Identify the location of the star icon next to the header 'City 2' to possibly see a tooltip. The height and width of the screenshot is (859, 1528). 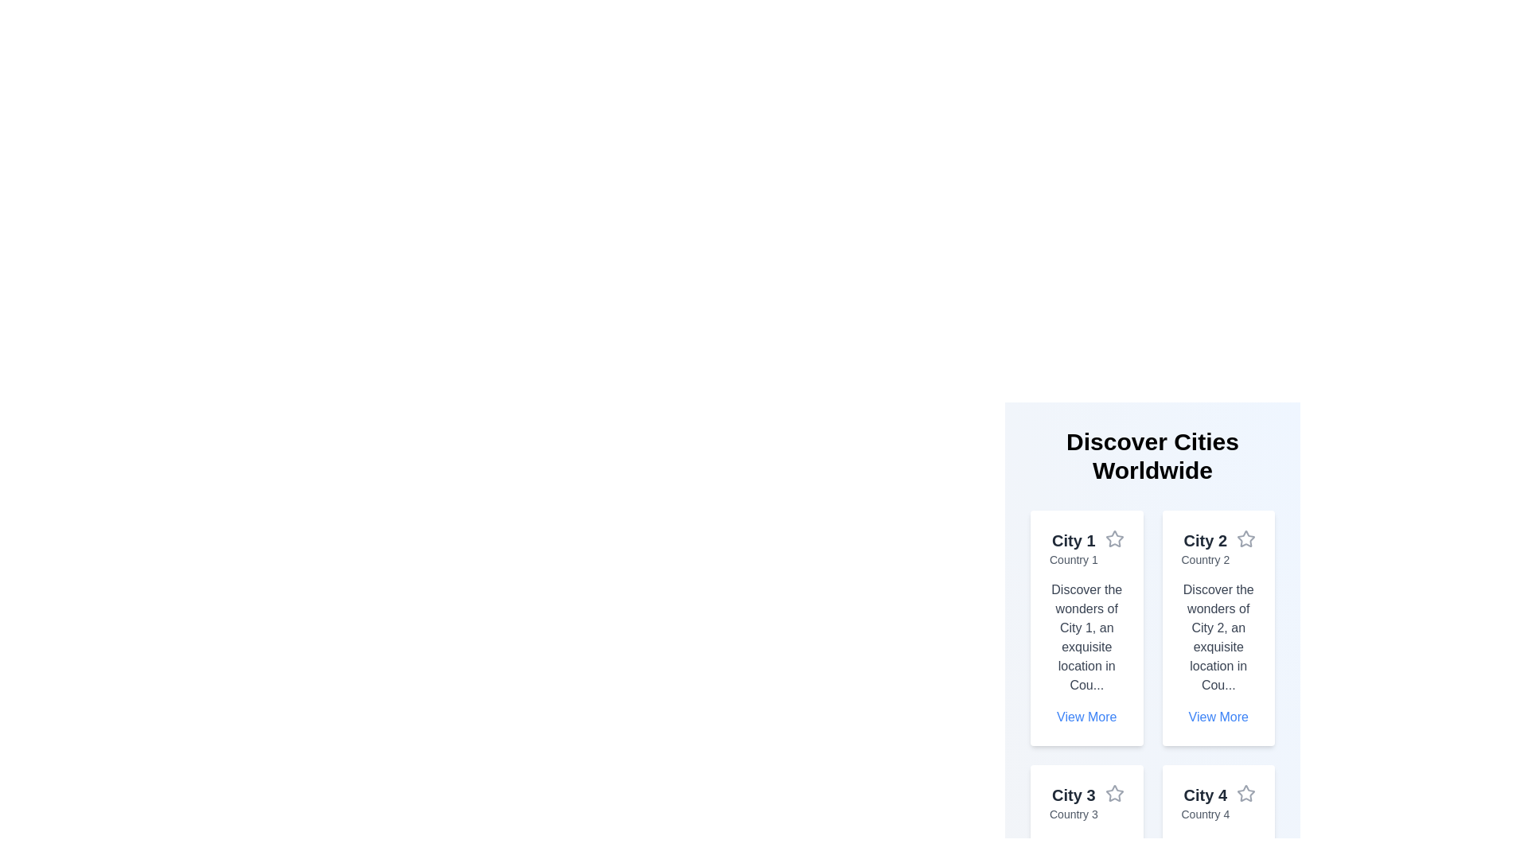
(1245, 538).